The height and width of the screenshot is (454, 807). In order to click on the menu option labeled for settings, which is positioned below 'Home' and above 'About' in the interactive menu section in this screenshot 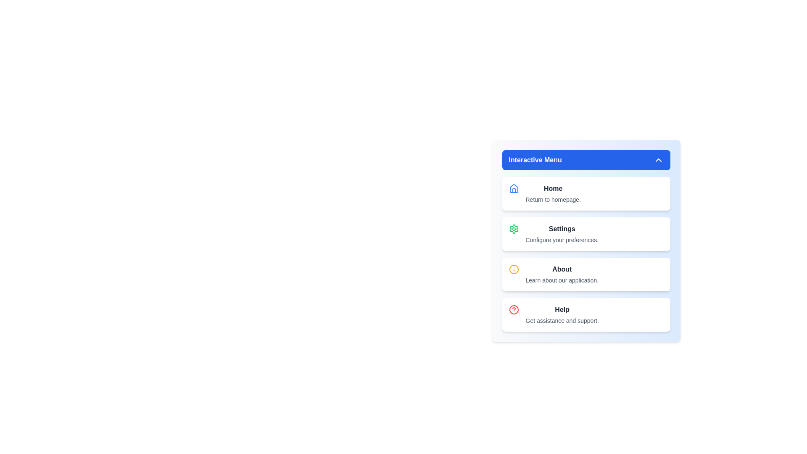, I will do `click(562, 234)`.